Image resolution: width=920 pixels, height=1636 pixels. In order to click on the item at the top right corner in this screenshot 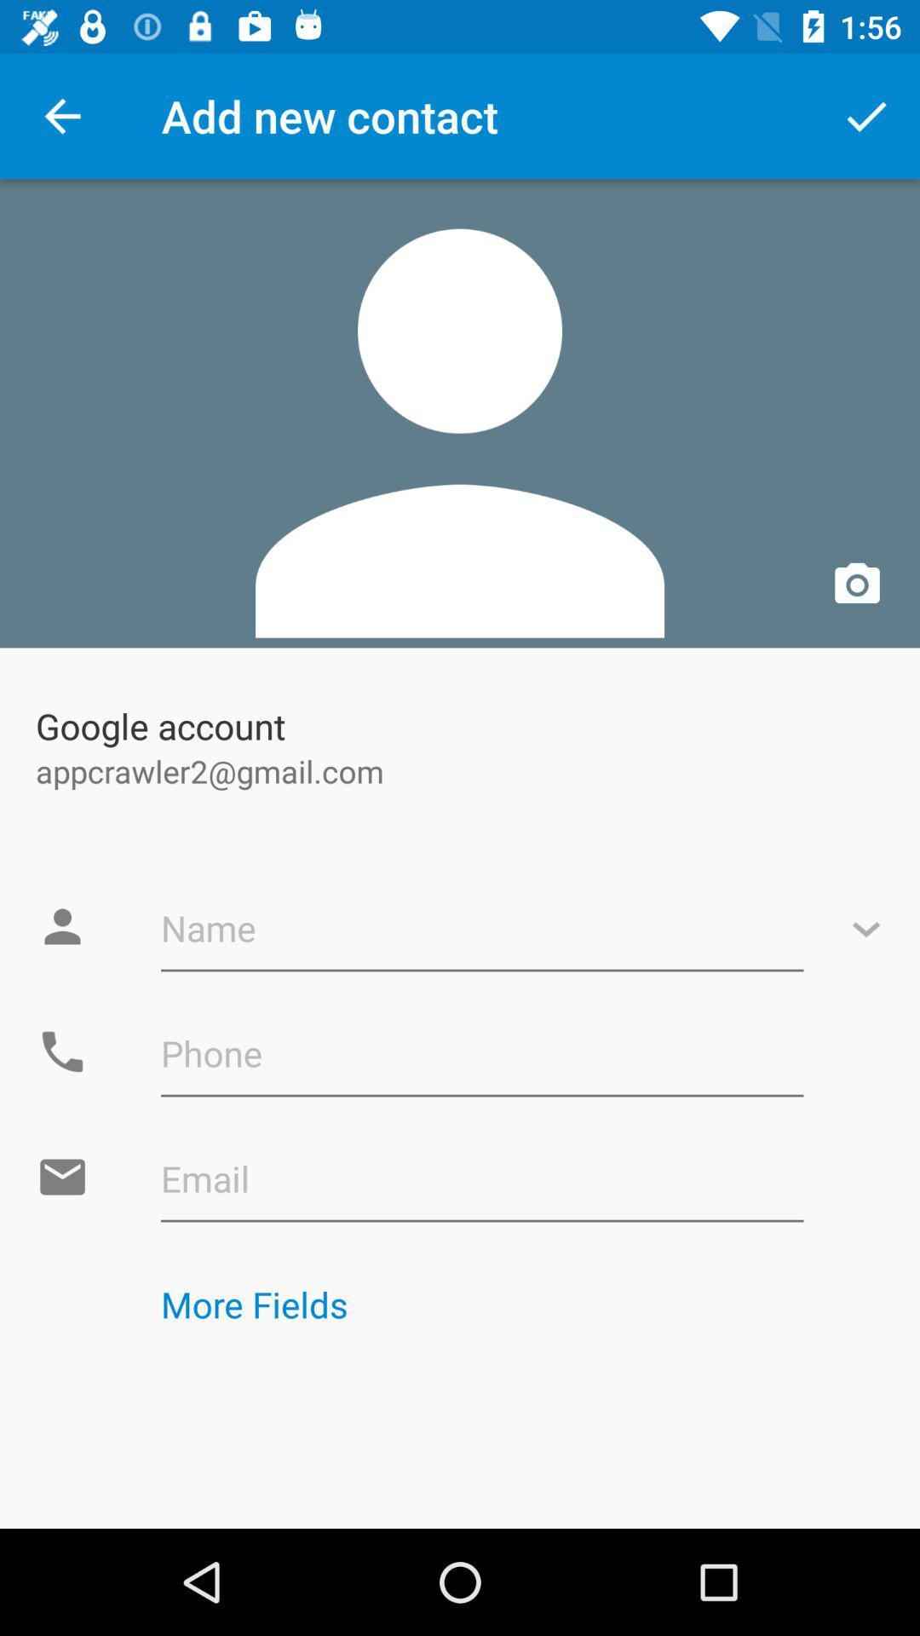, I will do `click(866, 115)`.